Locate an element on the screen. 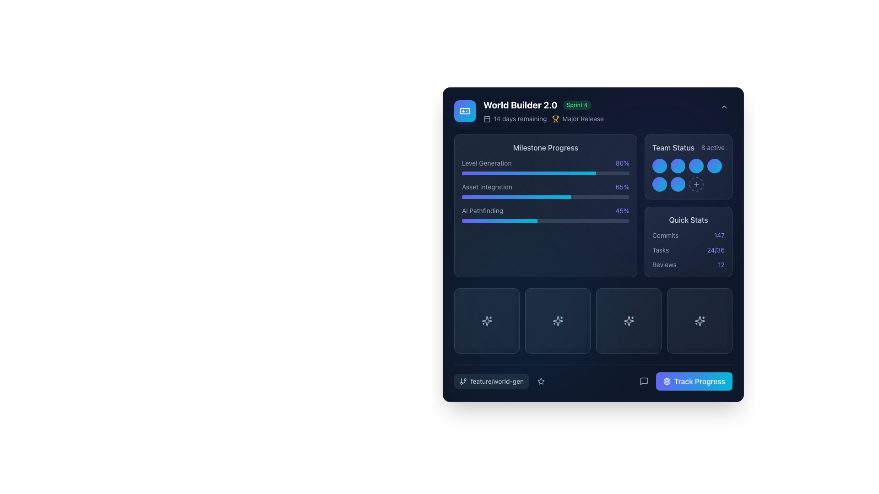 This screenshot has width=879, height=494. the fifth circular indicator in the 'Team Status' section, which features a gradient from indigo to cyan and is located at the coordinates provided is located at coordinates (659, 184).